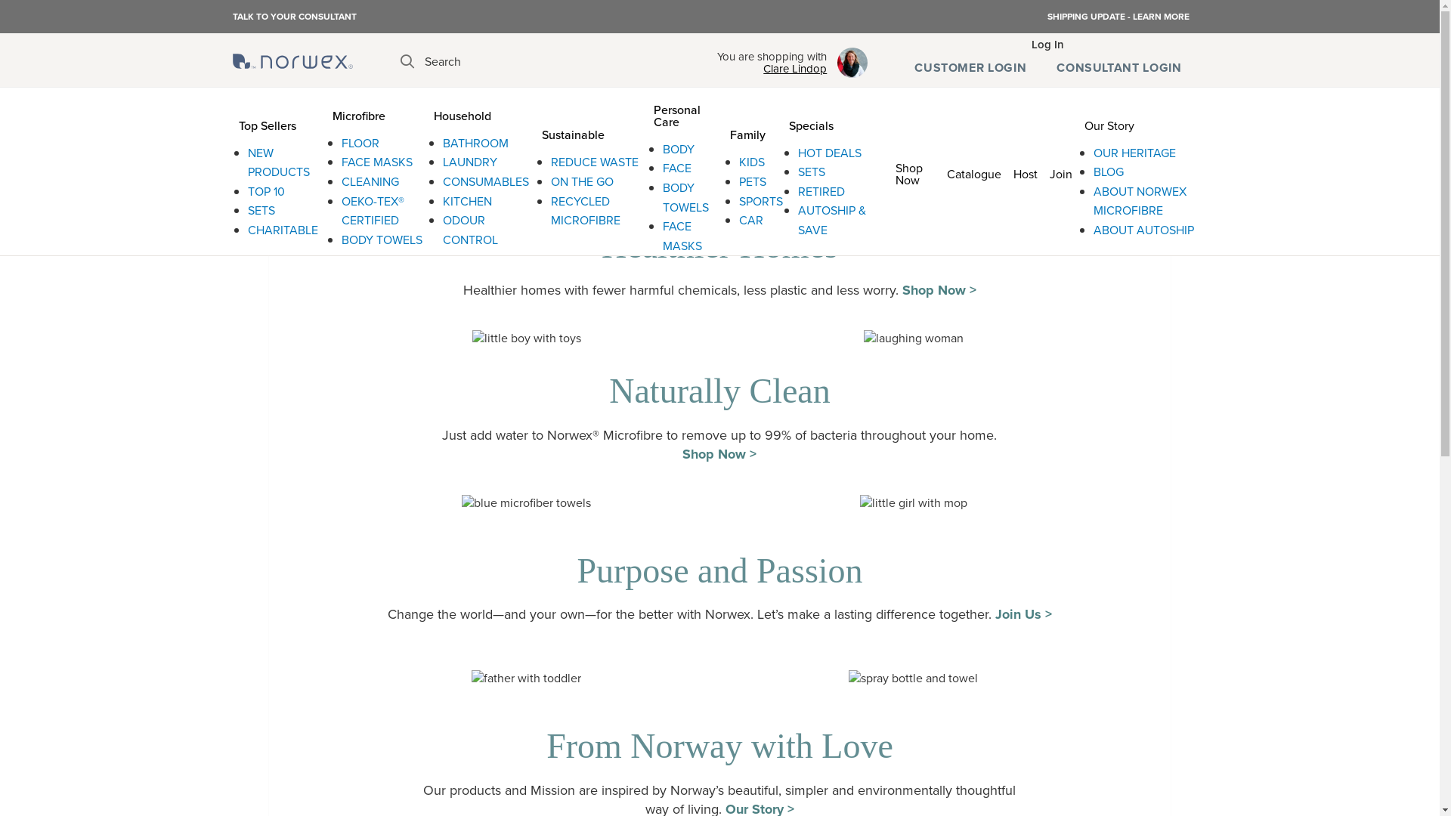  What do you see at coordinates (326, 113) in the screenshot?
I see `'Microfibre'` at bounding box center [326, 113].